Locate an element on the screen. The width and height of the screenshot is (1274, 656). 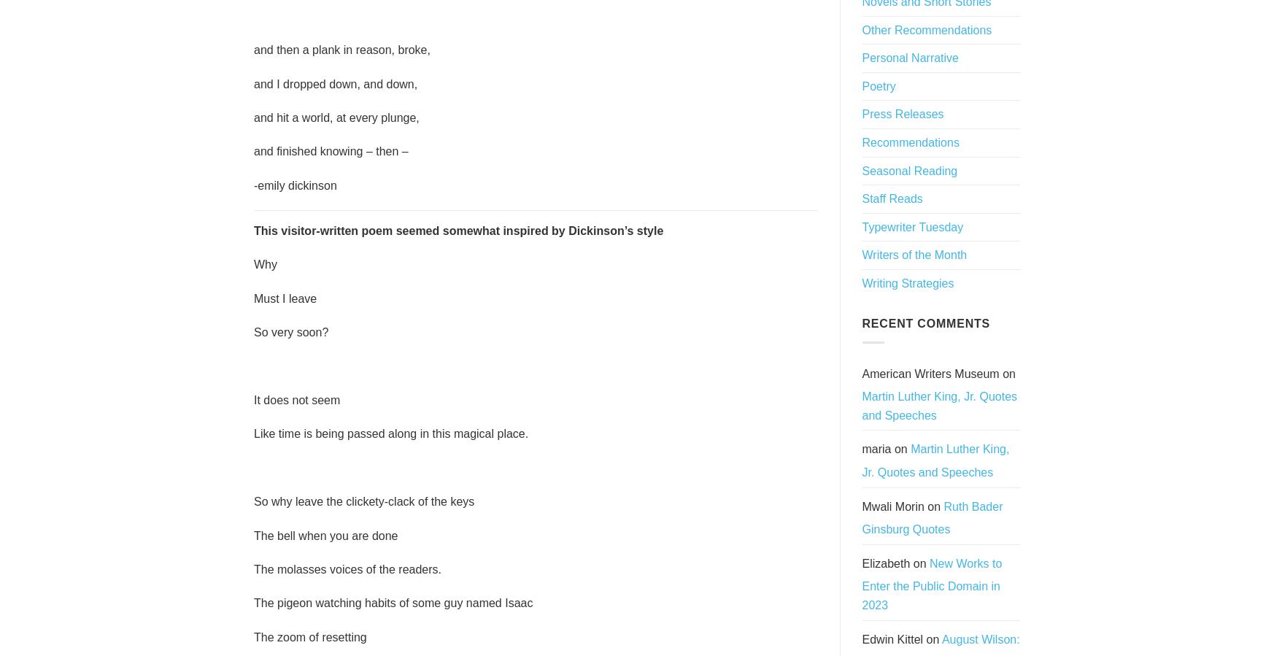
'Writers of the Month' is located at coordinates (913, 254).